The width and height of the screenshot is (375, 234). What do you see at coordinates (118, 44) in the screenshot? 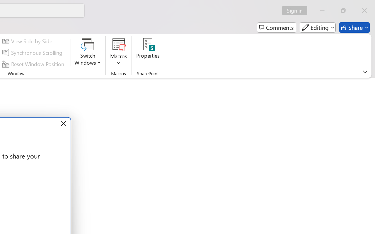
I see `'View Macros'` at bounding box center [118, 44].